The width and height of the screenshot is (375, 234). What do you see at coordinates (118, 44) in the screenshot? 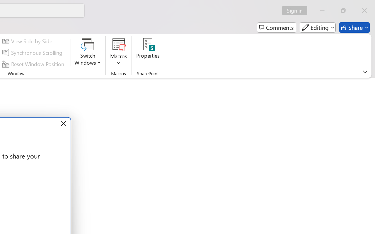
I see `'View Macros'` at bounding box center [118, 44].